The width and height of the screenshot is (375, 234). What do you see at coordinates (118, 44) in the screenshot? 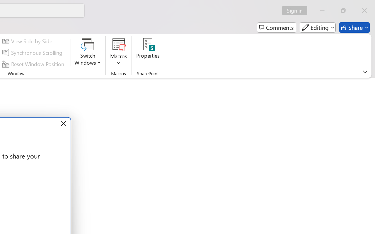
I see `'View Macros'` at bounding box center [118, 44].